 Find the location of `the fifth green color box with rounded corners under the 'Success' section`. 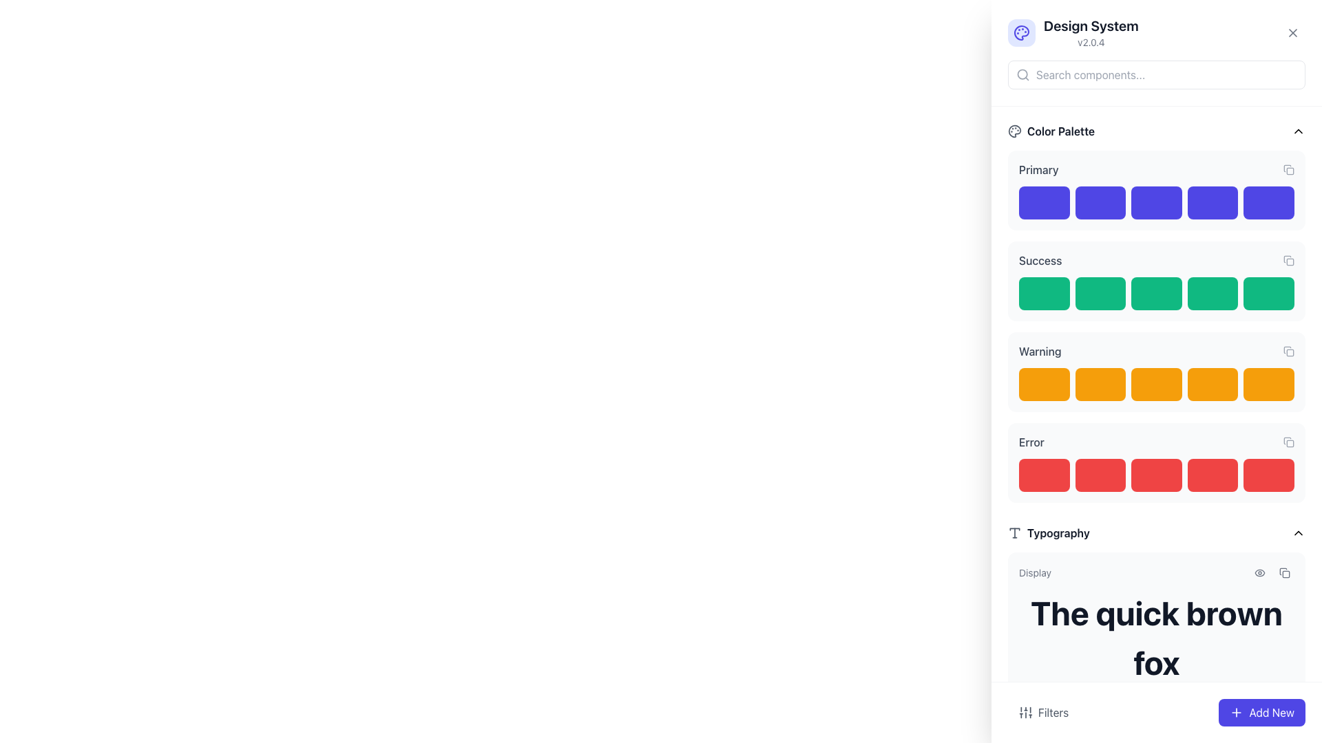

the fifth green color box with rounded corners under the 'Success' section is located at coordinates (1268, 293).